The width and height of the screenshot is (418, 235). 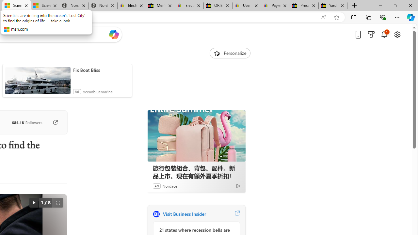 I want to click on 'Visit Business Insider website', so click(x=237, y=214).